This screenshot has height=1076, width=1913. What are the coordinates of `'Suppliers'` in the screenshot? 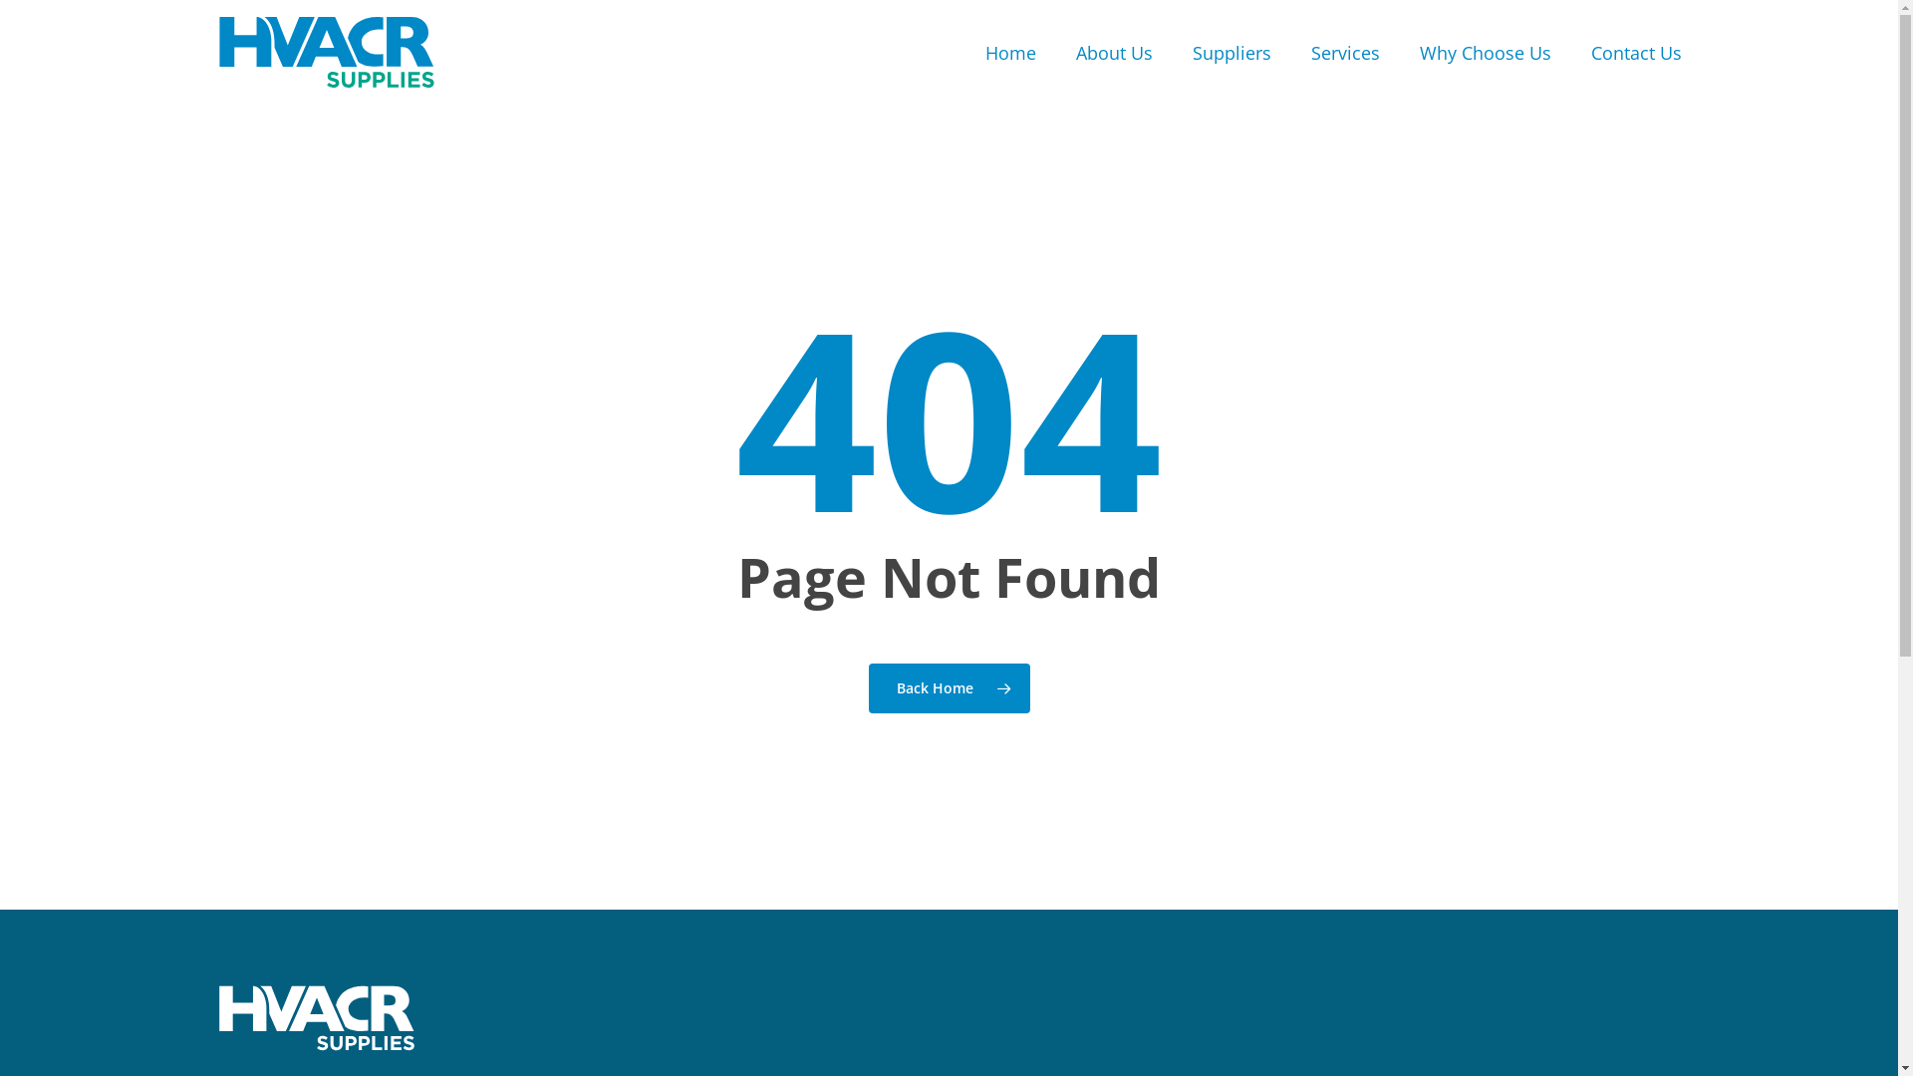 It's located at (1191, 52).